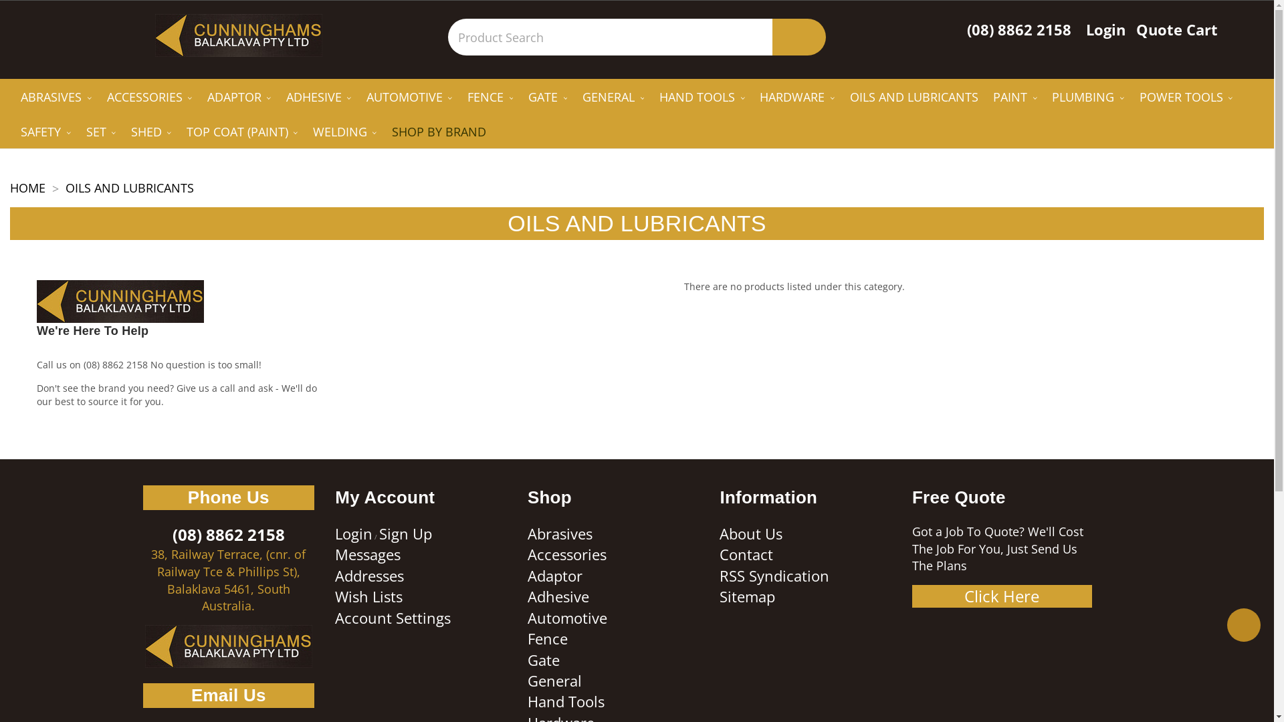 This screenshot has height=722, width=1284. What do you see at coordinates (1043, 98) in the screenshot?
I see `'PLUMBING'` at bounding box center [1043, 98].